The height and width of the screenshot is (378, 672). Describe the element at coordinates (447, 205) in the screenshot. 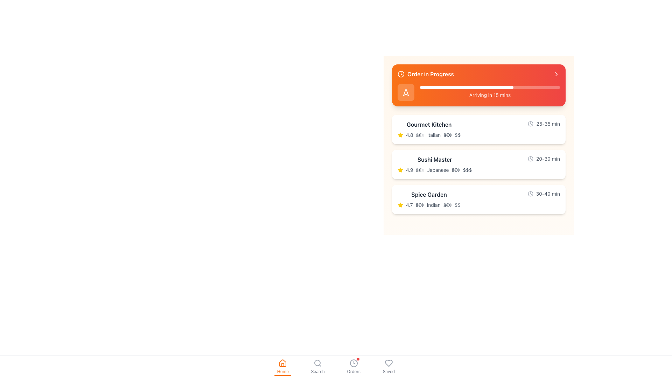

I see `the bullet separator (•) that is the third in the sequence, located between 'Indian' and '$$' in the restaurant details for 'Spice Garden'` at that location.